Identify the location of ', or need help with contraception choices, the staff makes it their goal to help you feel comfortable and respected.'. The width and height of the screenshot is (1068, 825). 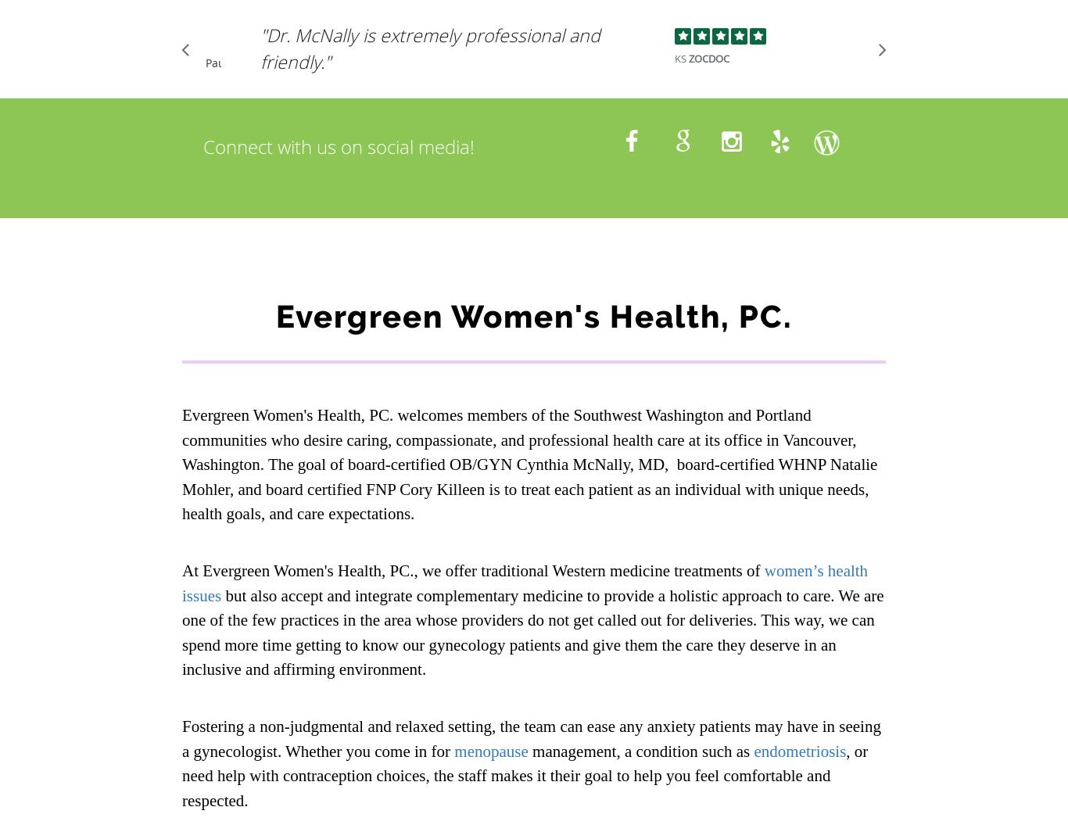
(524, 775).